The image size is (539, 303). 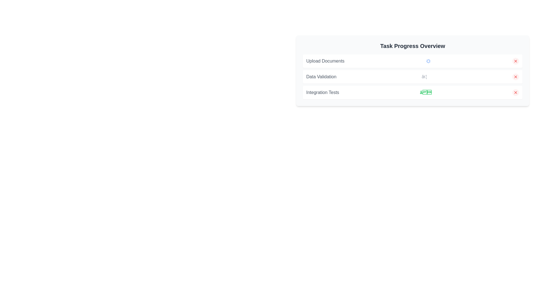 What do you see at coordinates (412, 92) in the screenshot?
I see `the 'Integration Tests' button in the 'Task Progress Overview' list` at bounding box center [412, 92].